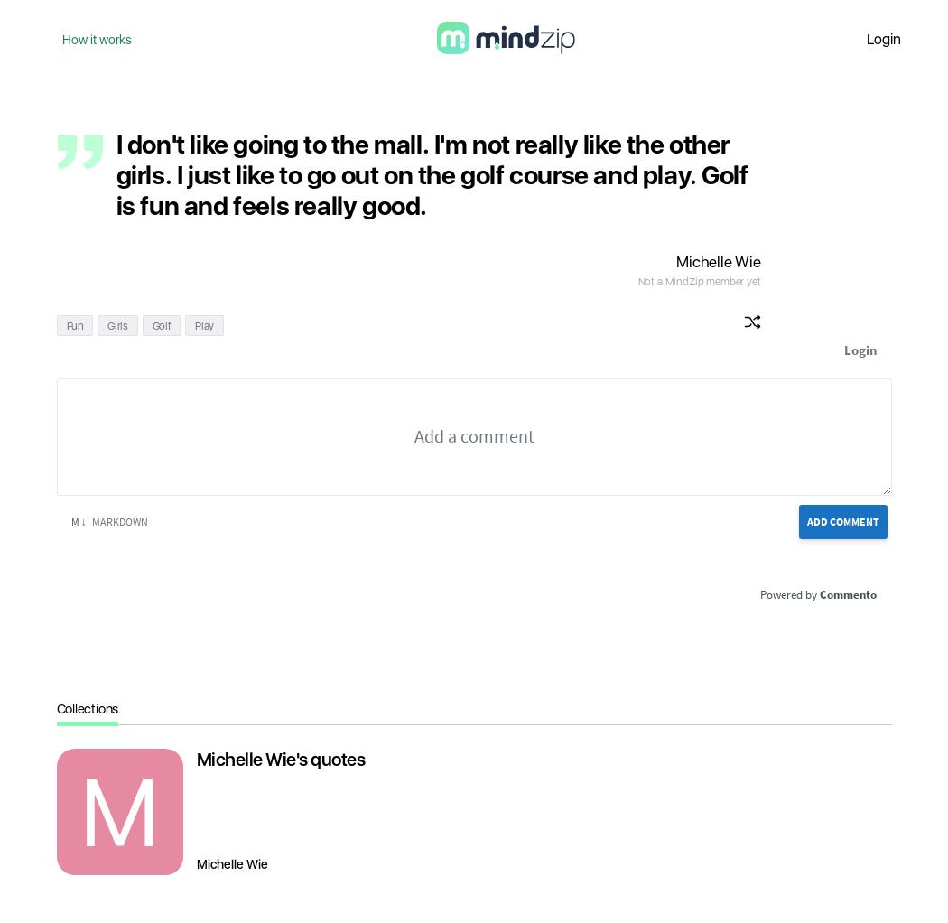 This screenshot has width=948, height=923. I want to click on 'Michelle Wie's quotes', so click(280, 760).